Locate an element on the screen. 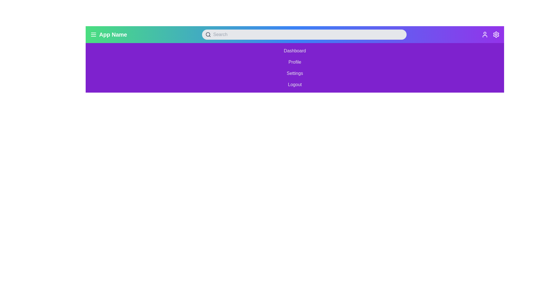 The height and width of the screenshot is (304, 541). the logout button located at the bottom of the options list, which is the fourth item following 'Dashboard,' 'Profile,' and 'Settings.' is located at coordinates (294, 84).